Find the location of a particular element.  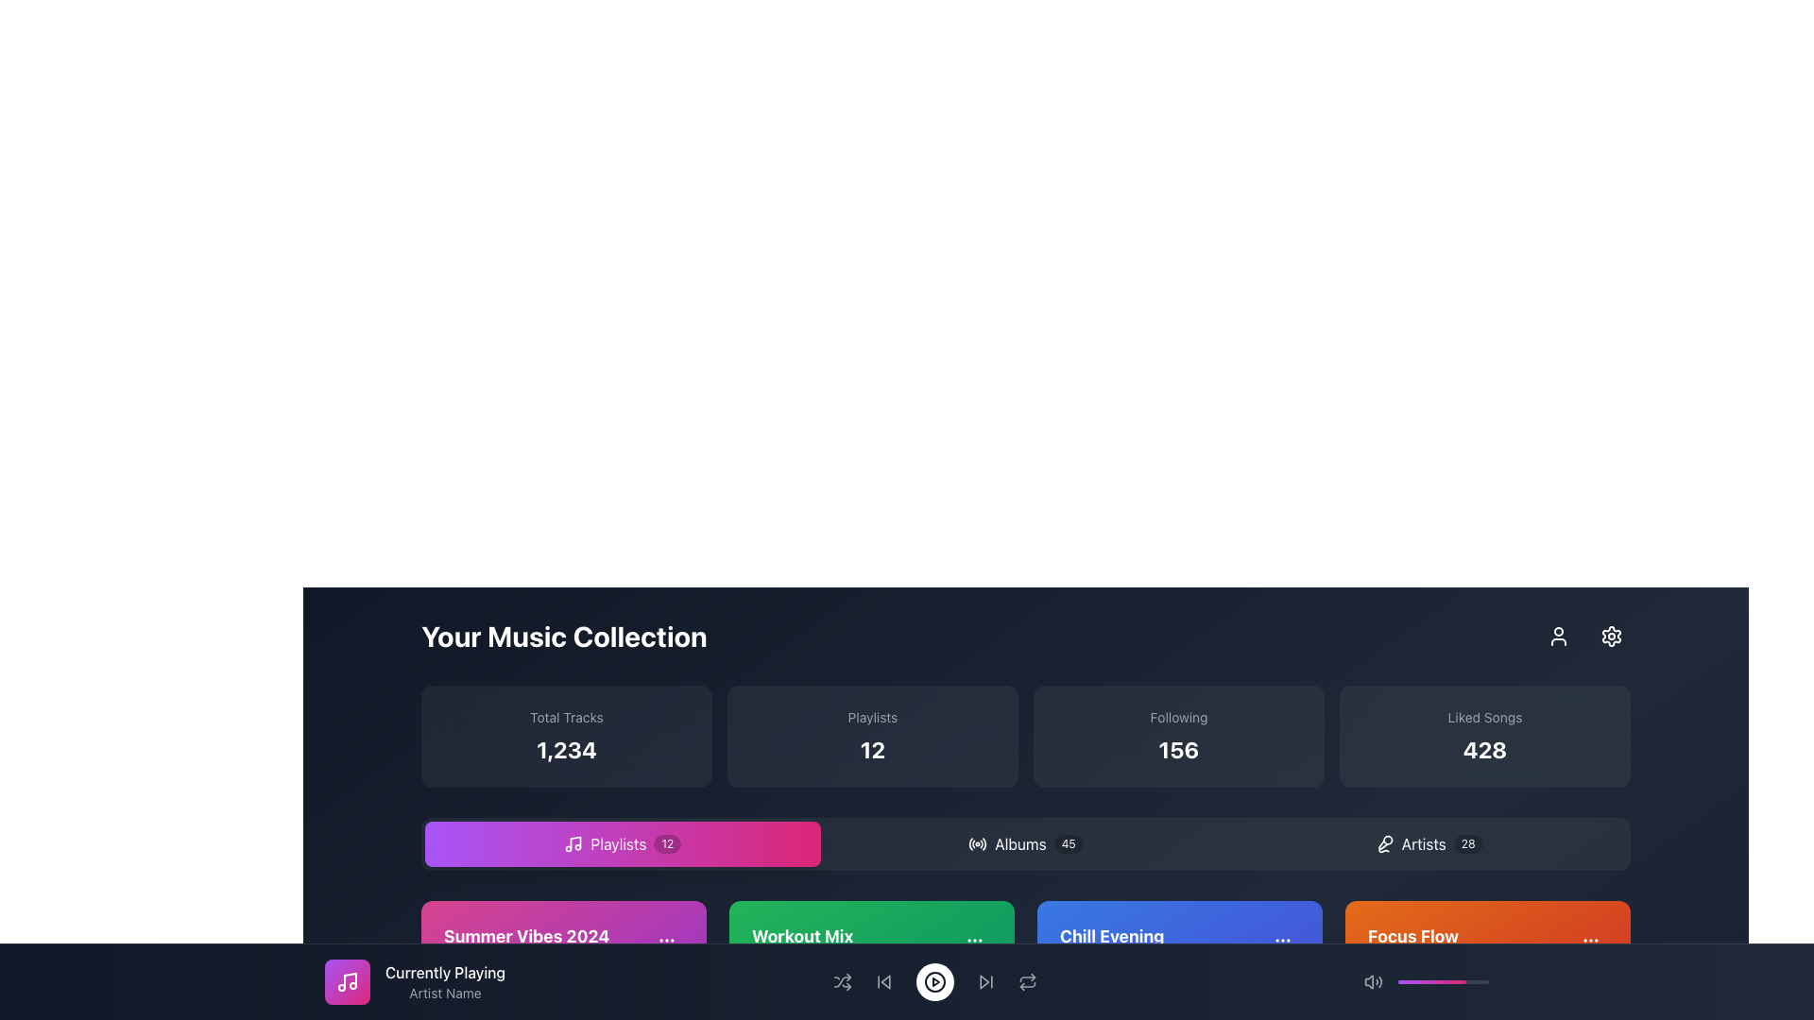

progress is located at coordinates (1485, 981).